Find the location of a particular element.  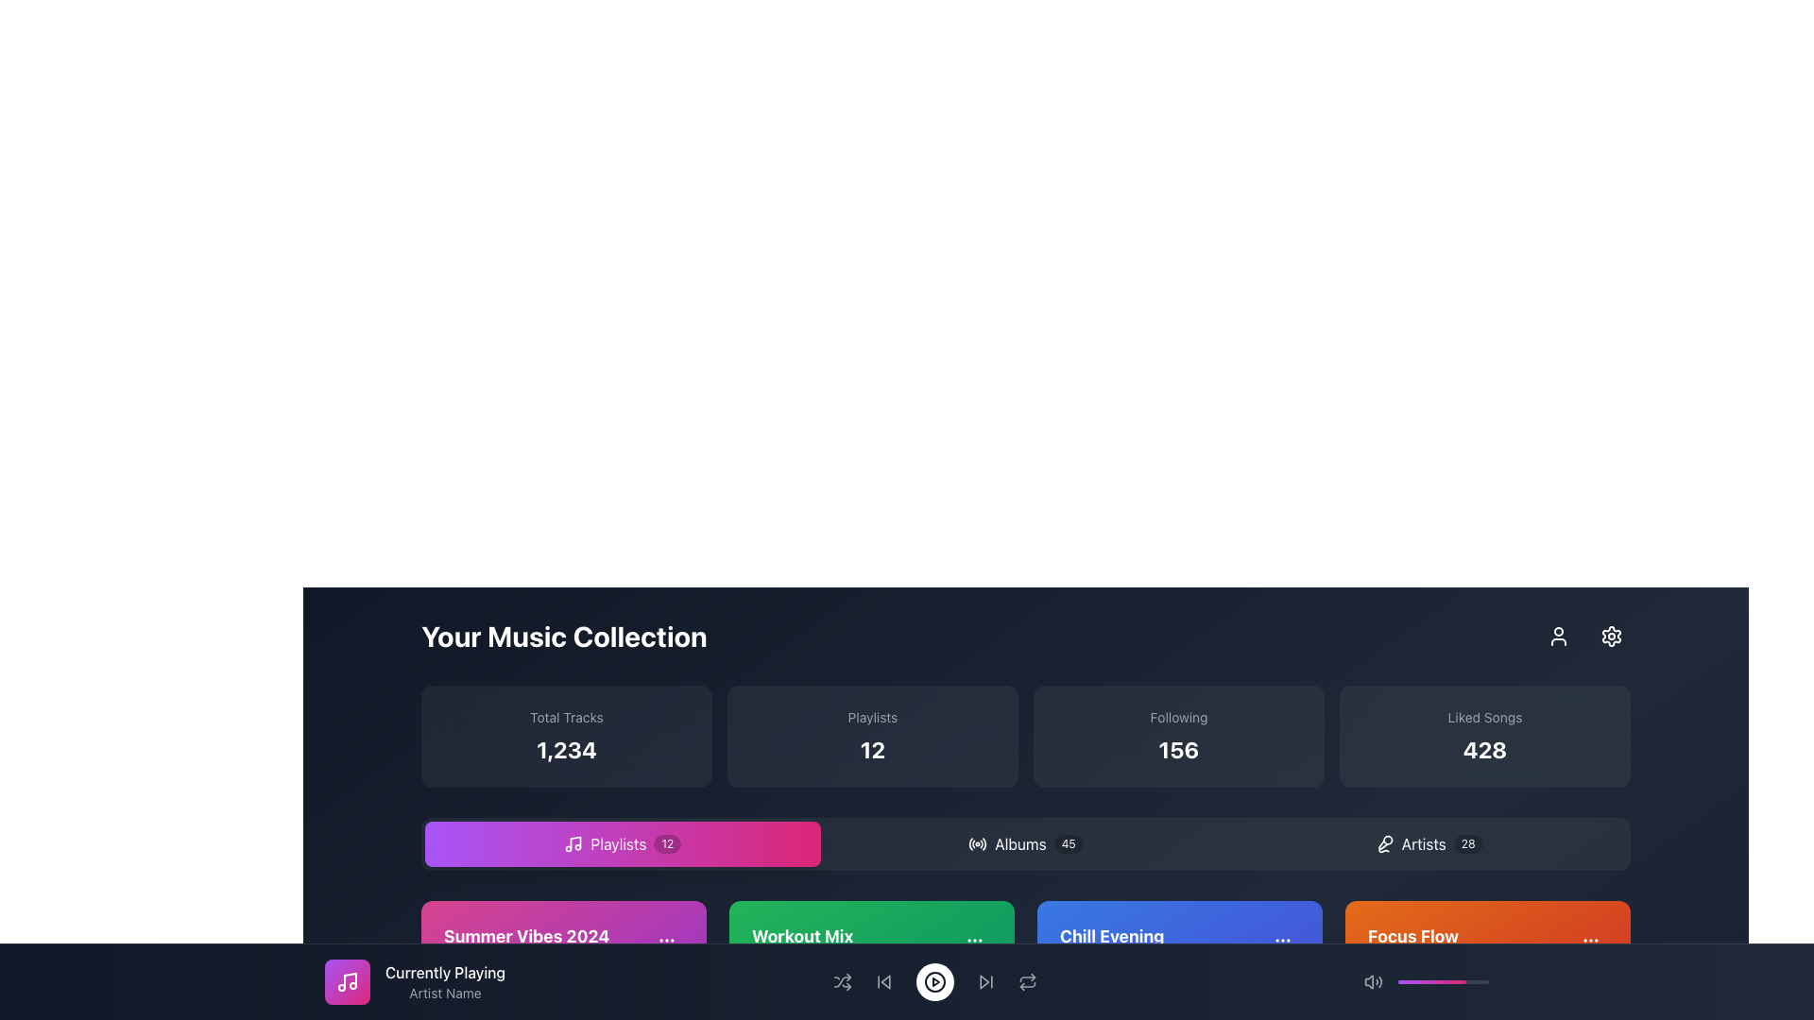

progress is located at coordinates (1485, 981).